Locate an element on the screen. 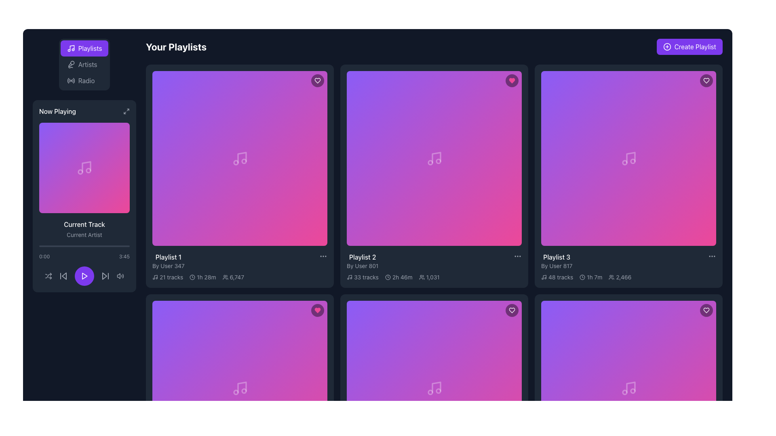  the Text Display Element that displays the name of 'Playlist 3', located at the bottom-right corner of the playlist grid interface is located at coordinates (556, 257).